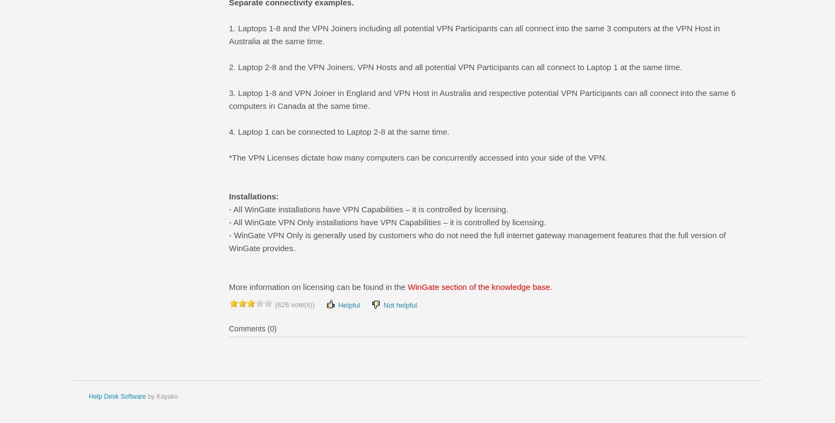  Describe the element at coordinates (252, 329) in the screenshot. I see `'Comments (0)'` at that location.